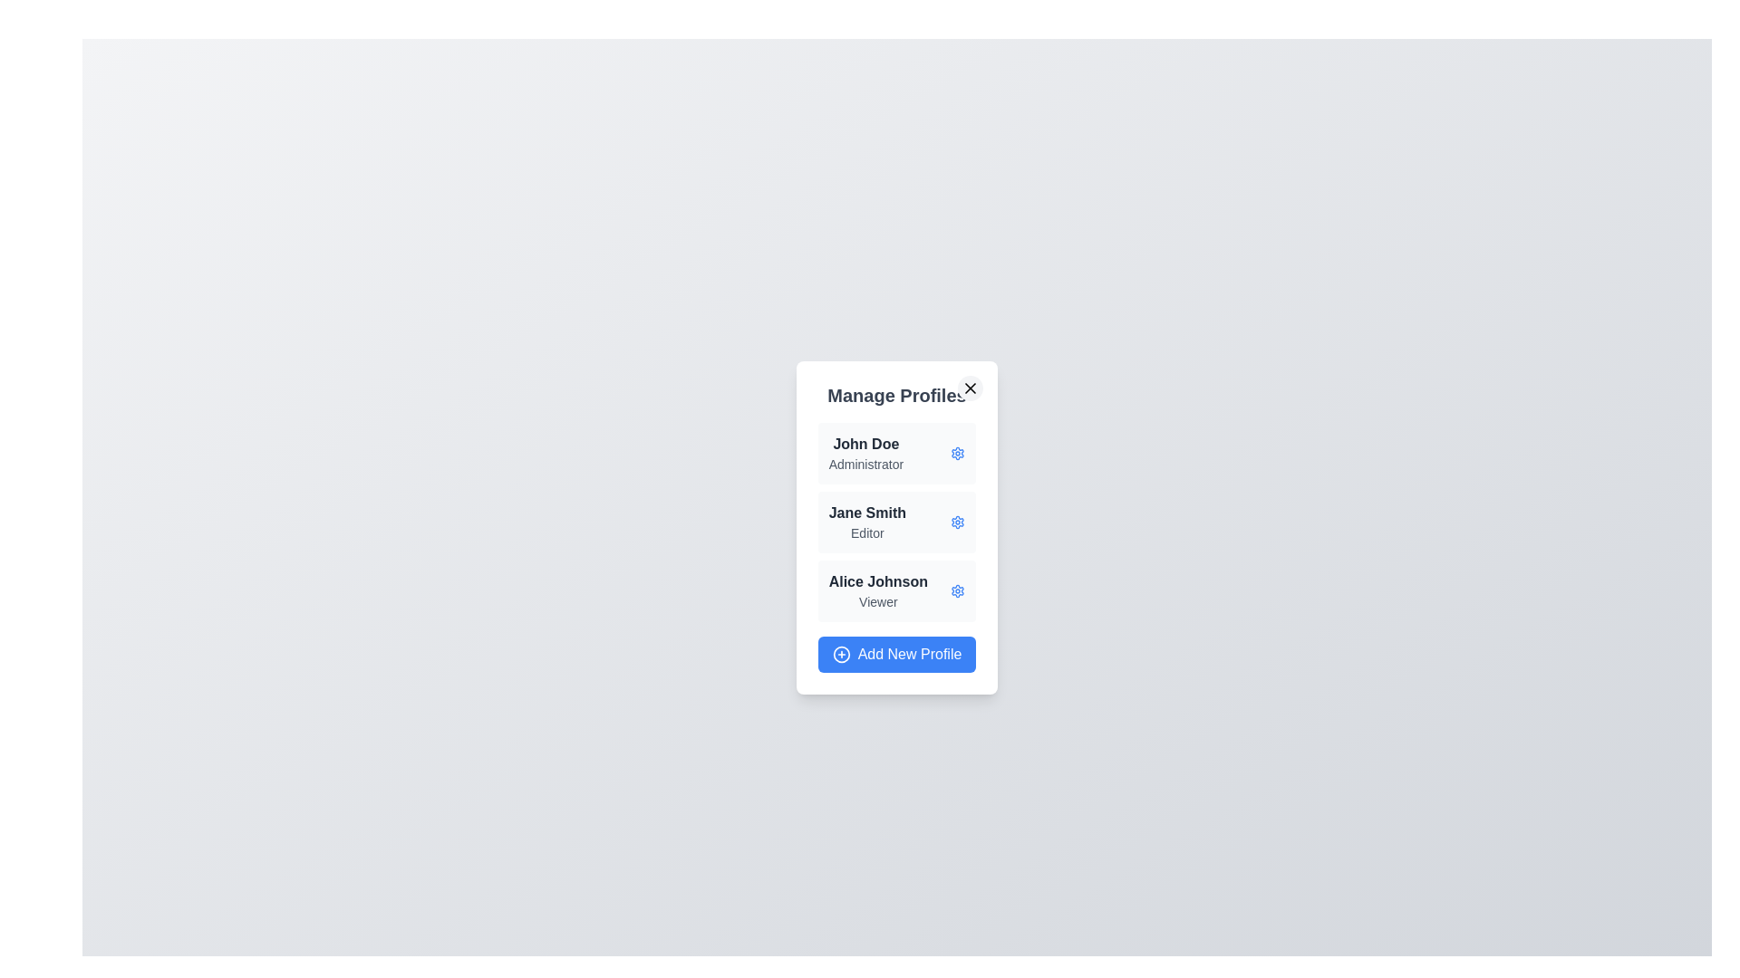  Describe the element at coordinates (957, 590) in the screenshot. I see `gear icon next to the profile named Alice Johnson` at that location.